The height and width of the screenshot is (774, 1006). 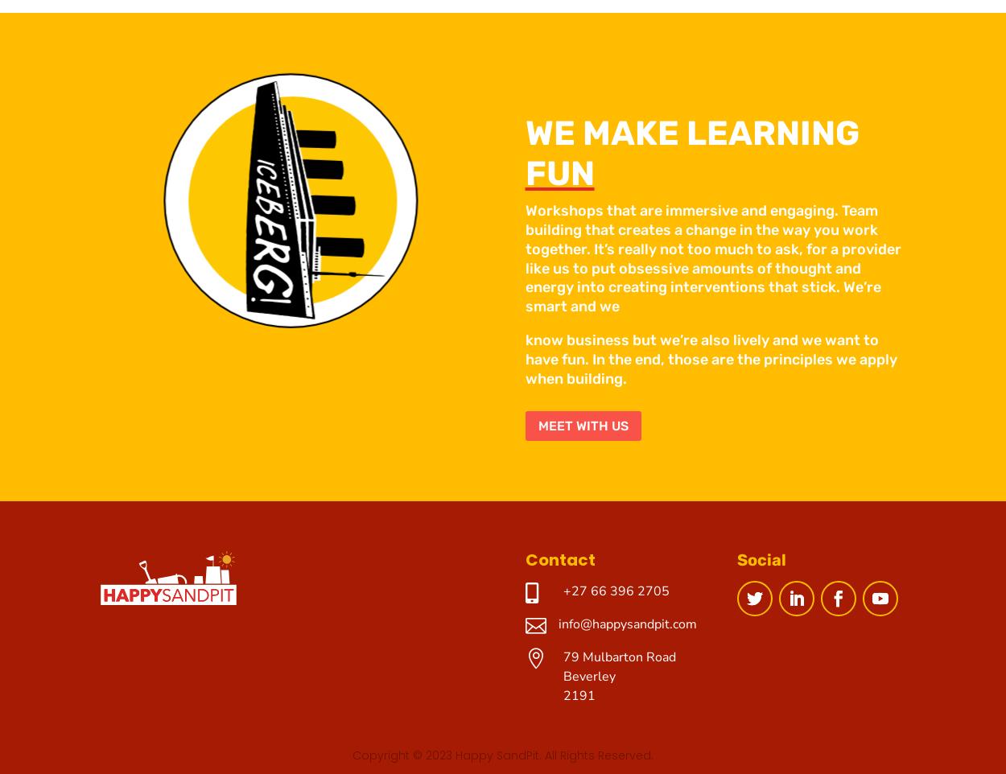 I want to click on 'Workshops that are immersive and engaging. Team building that creates a change in the way you work together. It’s really not too much to ask, for a provider like us to put obsessive amounts of thought and energy into creating interventions that stick. We’re smart and we', so click(x=712, y=257).